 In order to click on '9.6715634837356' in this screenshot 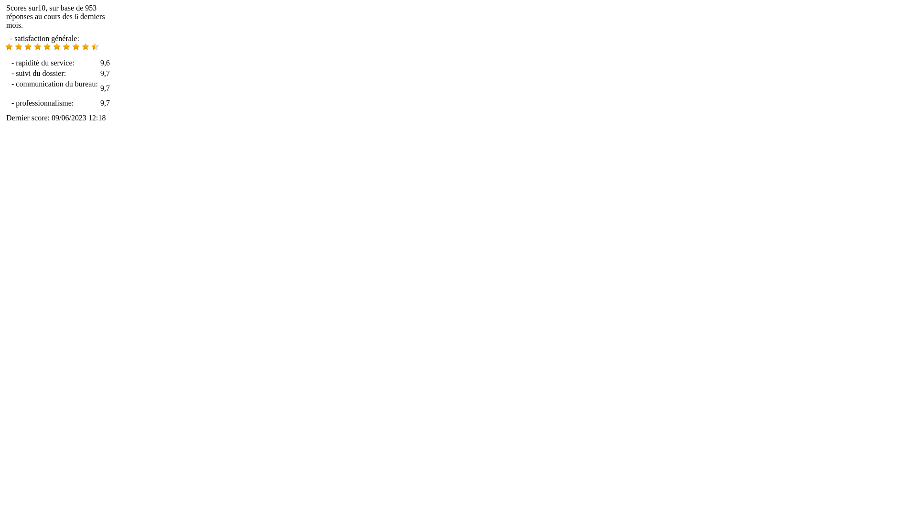, I will do `click(43, 46)`.